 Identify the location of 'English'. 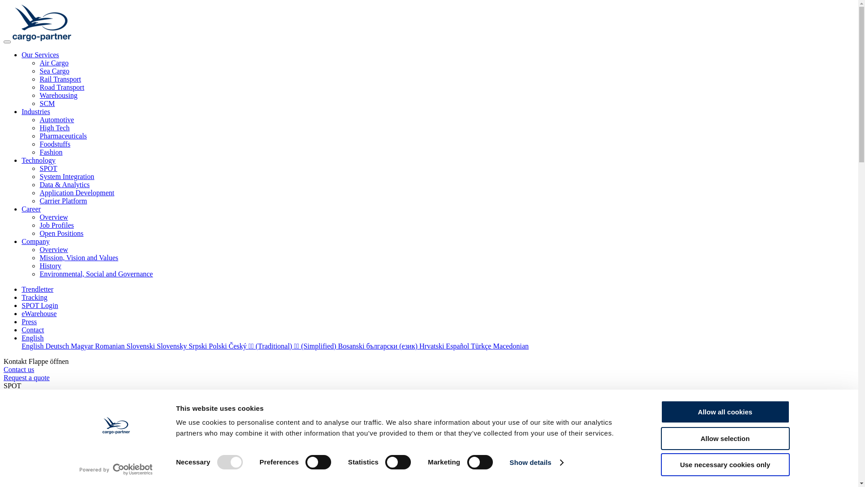
(32, 338).